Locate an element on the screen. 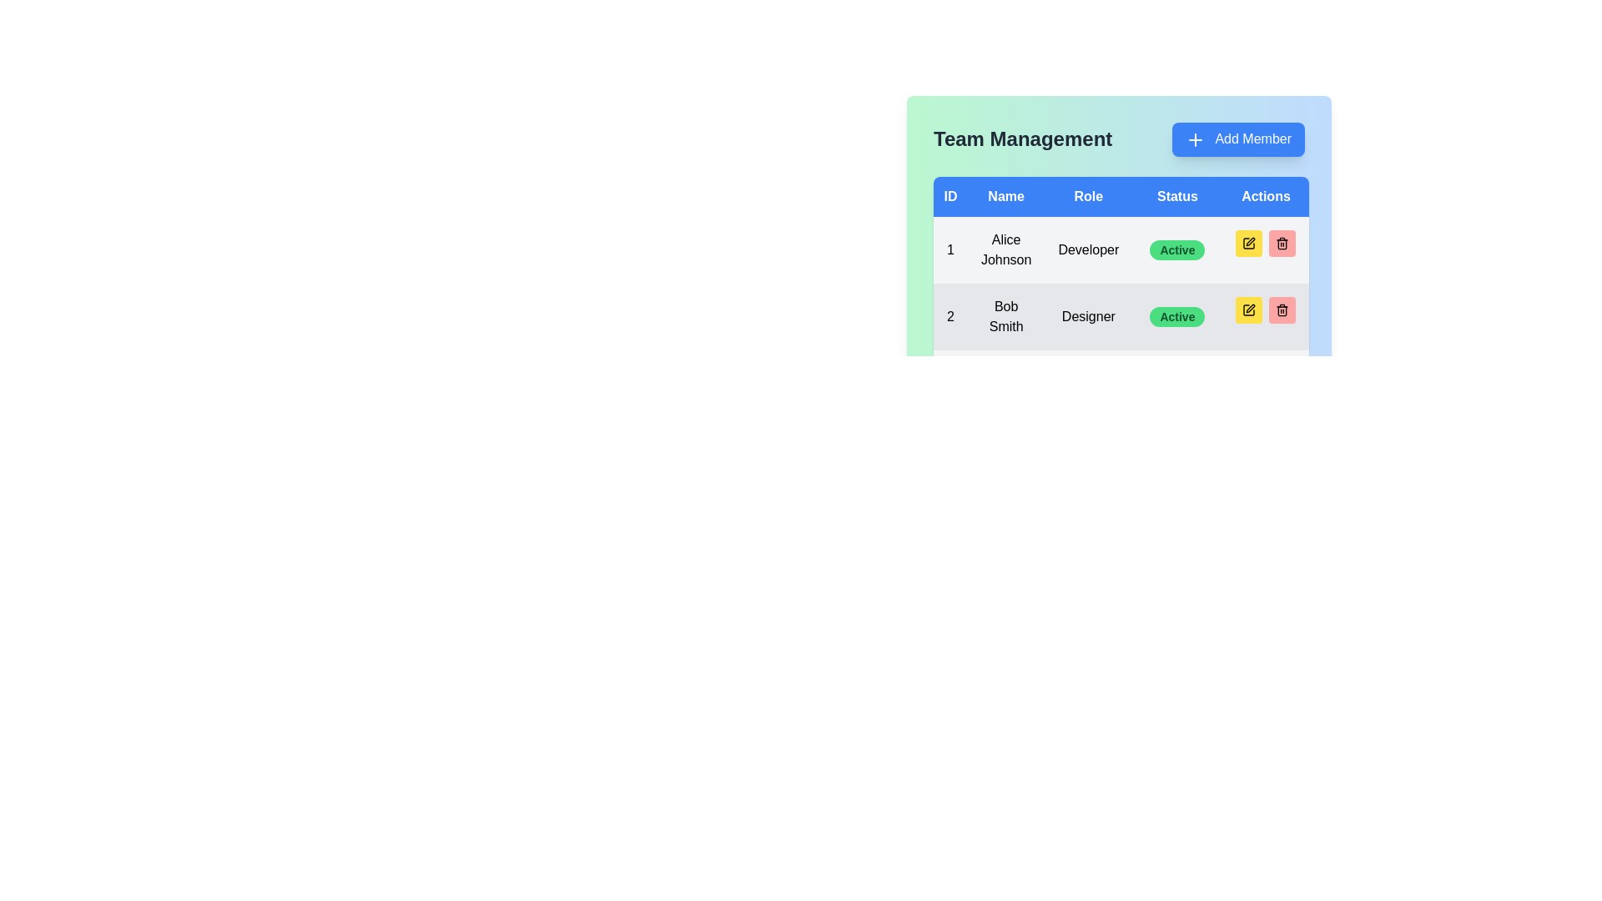 This screenshot has width=1602, height=901. the delete button located in the 'Actions' column of the table, positioned directly to the right of the yellow edit button is located at coordinates (1282, 310).